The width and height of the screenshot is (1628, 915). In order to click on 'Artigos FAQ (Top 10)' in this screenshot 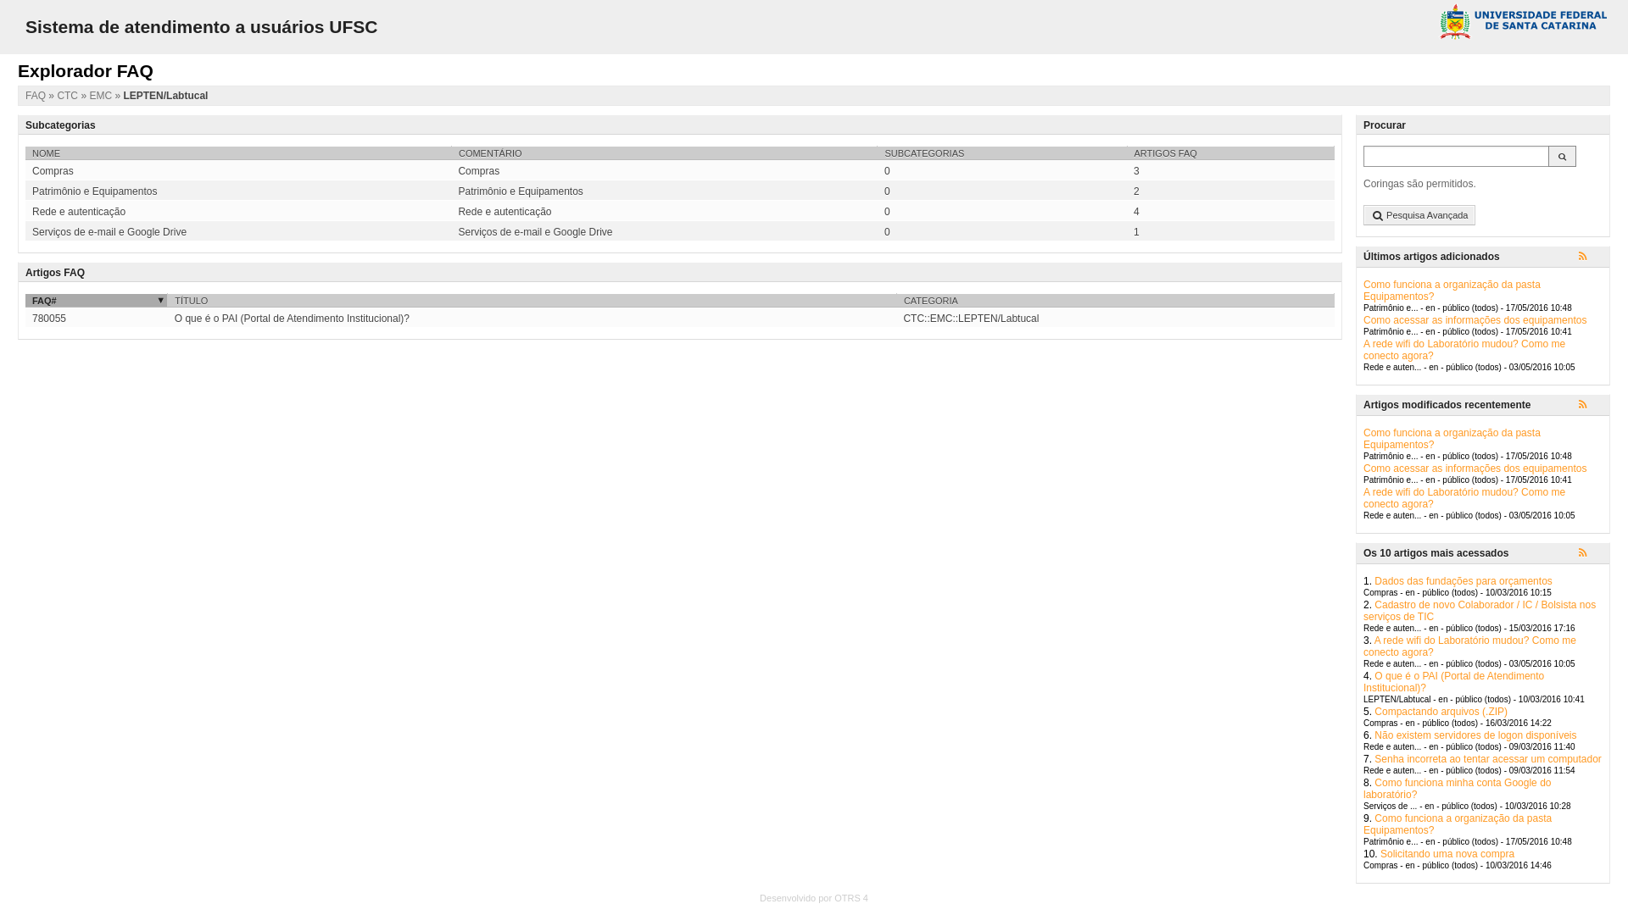, I will do `click(1590, 554)`.